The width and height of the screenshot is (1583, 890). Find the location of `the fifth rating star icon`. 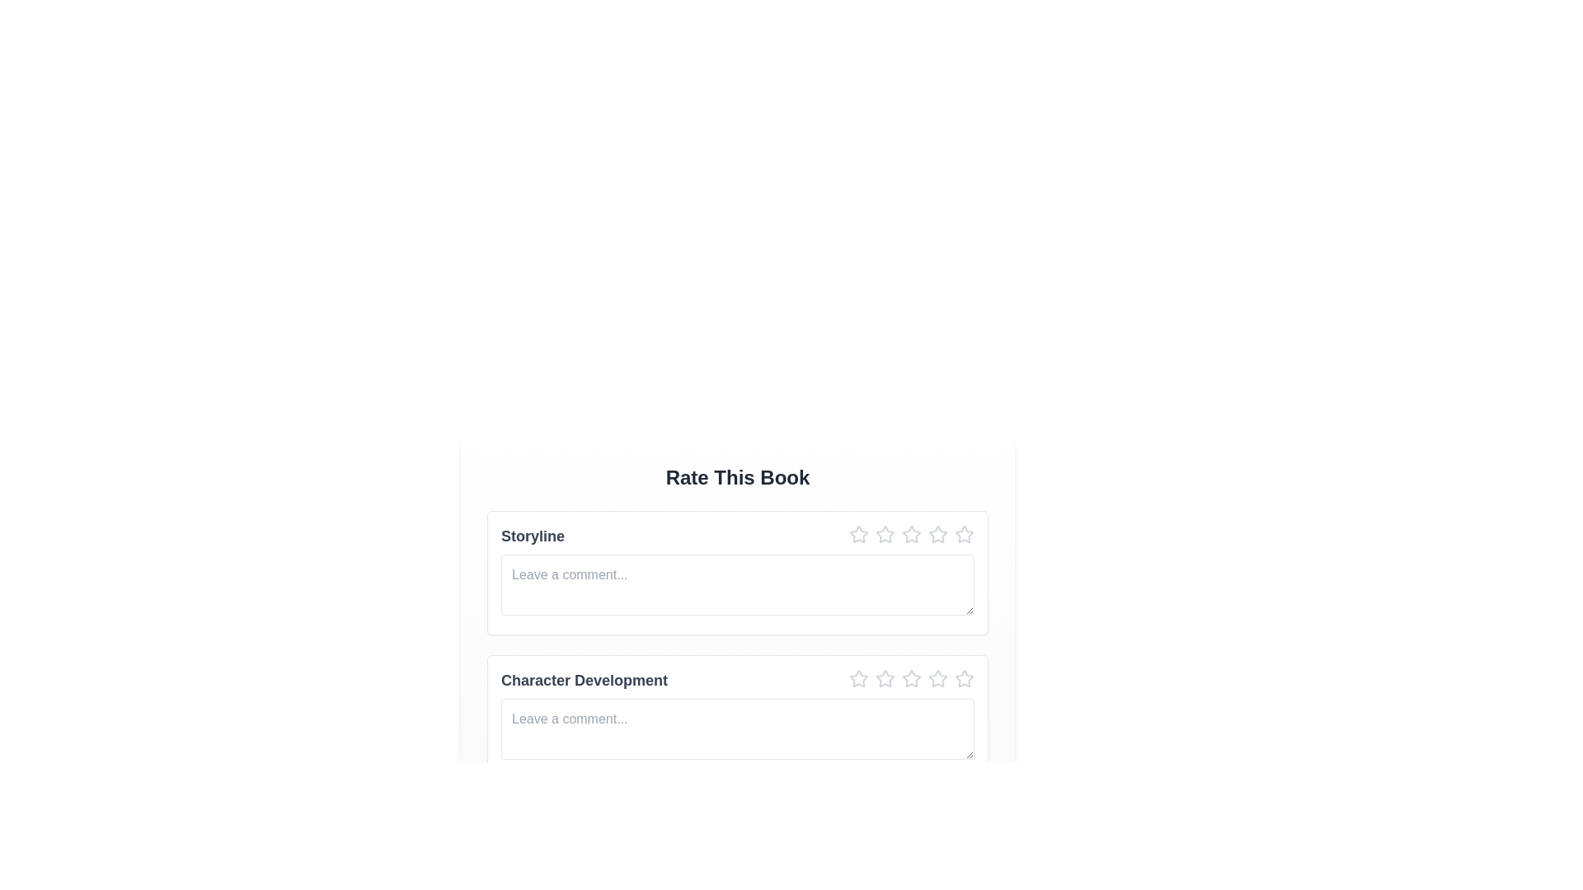

the fifth rating star icon is located at coordinates (937, 678).